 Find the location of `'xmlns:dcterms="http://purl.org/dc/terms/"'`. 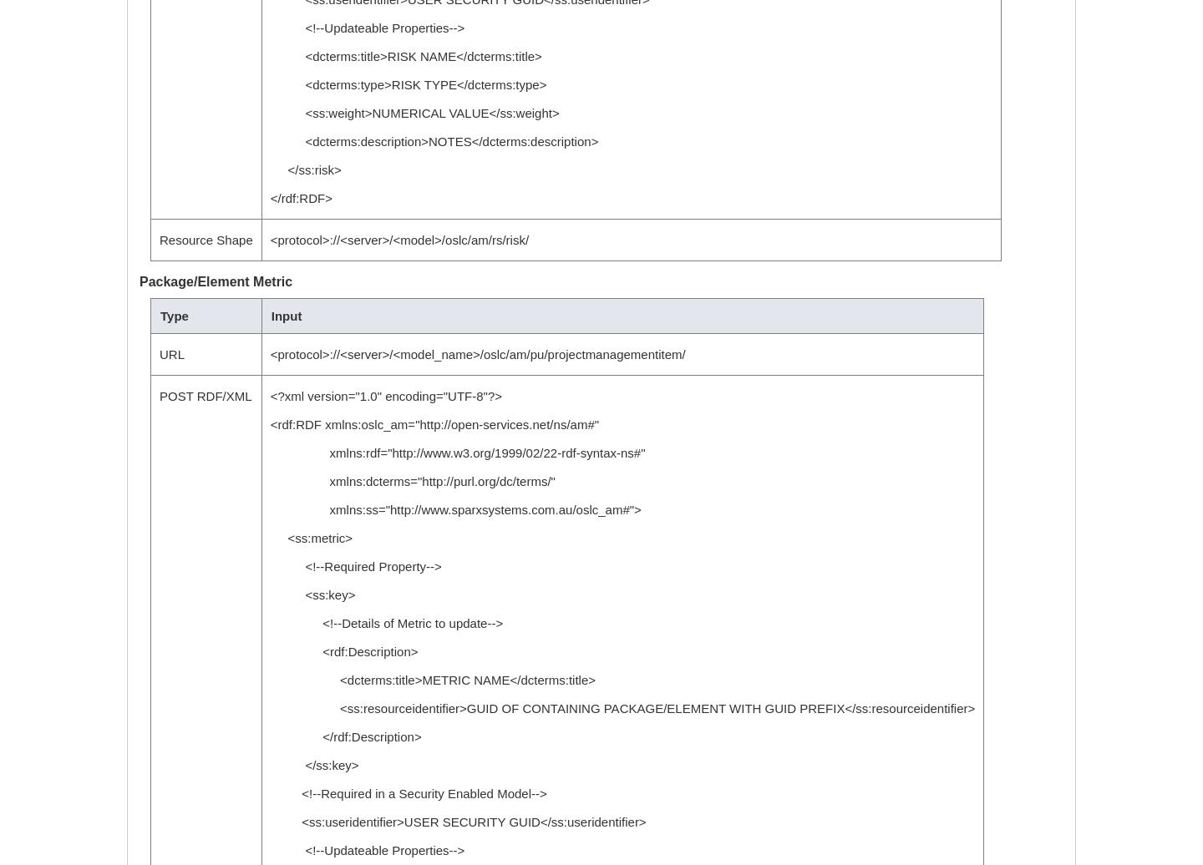

'xmlns:dcterms="http://purl.org/dc/terms/"' is located at coordinates (269, 481).